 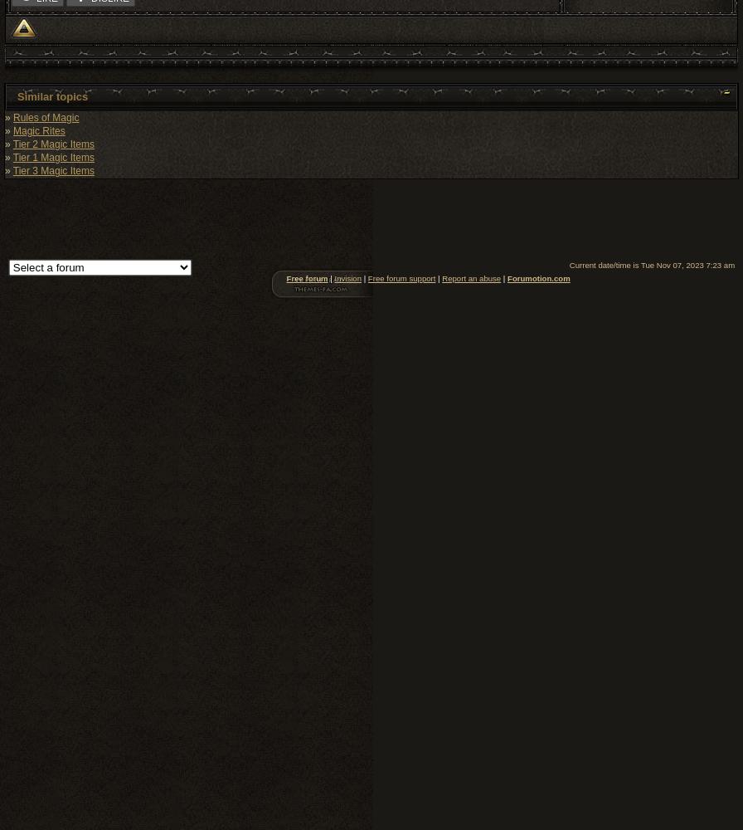 What do you see at coordinates (306, 276) in the screenshot?
I see `'Free forum'` at bounding box center [306, 276].